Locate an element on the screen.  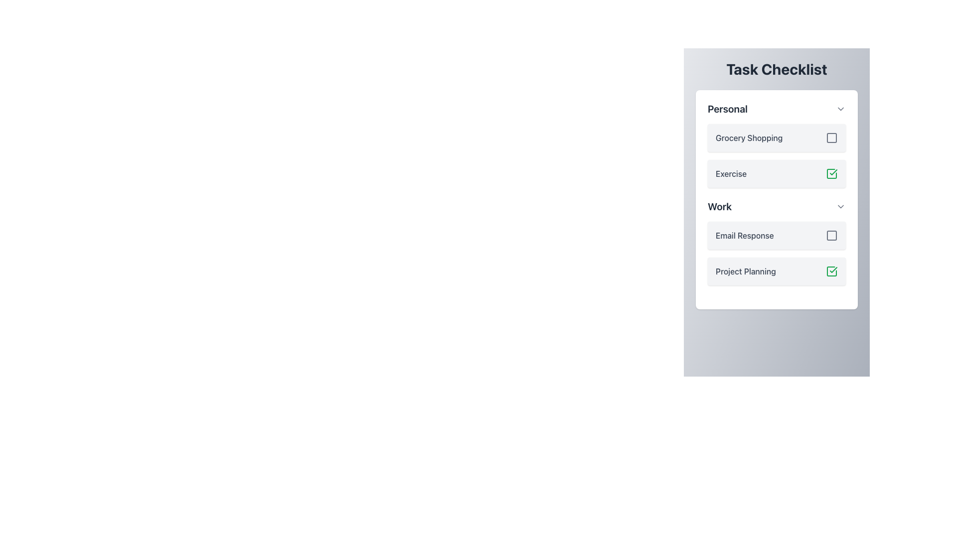
the toggle button icon located to the right of the 'Work' text in the header bar of the Task Checklist is located at coordinates (840, 206).